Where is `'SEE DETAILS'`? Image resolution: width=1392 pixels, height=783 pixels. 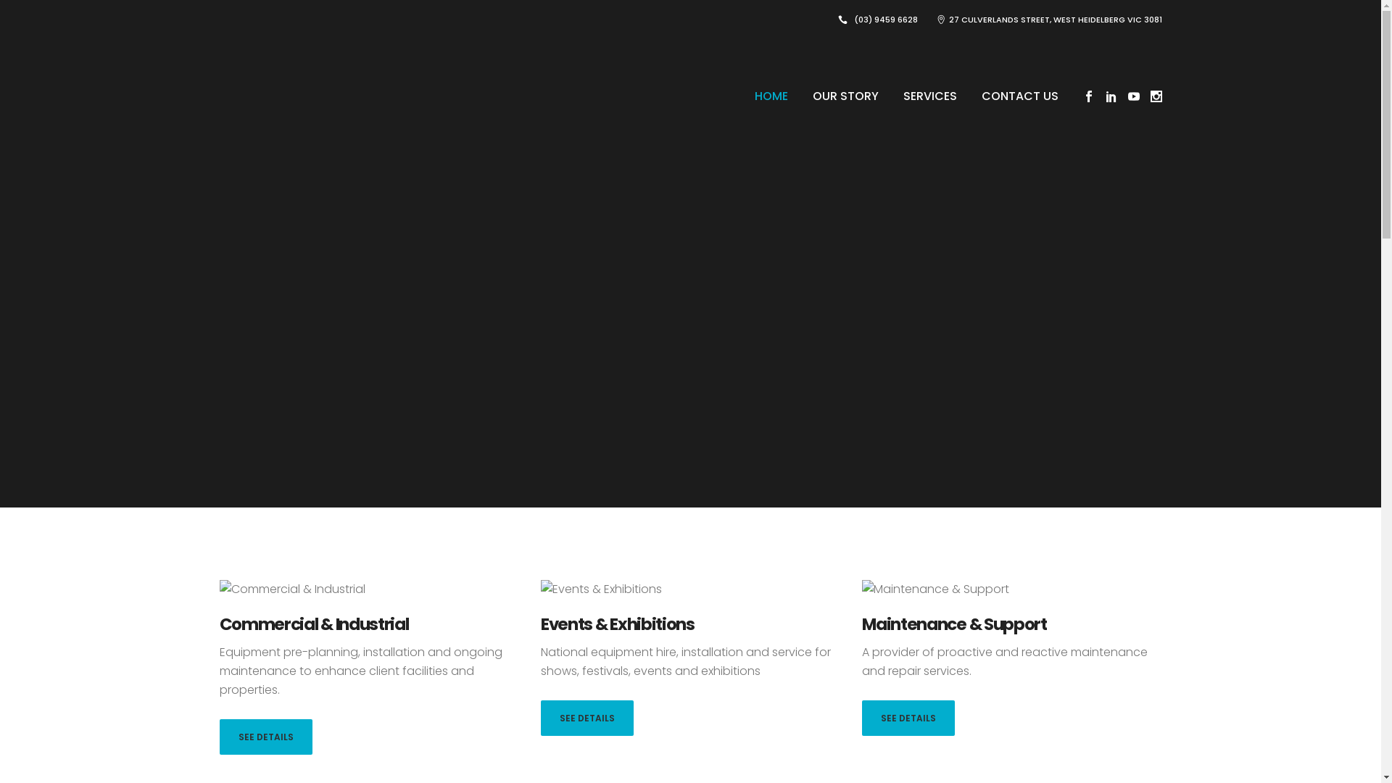 'SEE DETAILS' is located at coordinates (265, 737).